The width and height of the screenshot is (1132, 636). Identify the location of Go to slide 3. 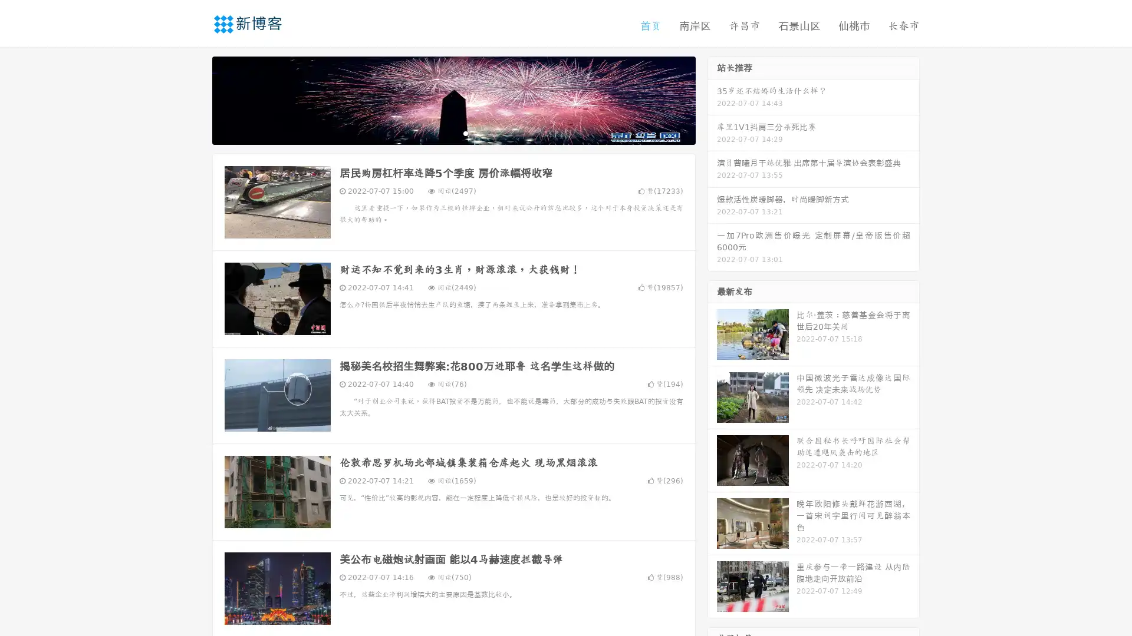
(465, 132).